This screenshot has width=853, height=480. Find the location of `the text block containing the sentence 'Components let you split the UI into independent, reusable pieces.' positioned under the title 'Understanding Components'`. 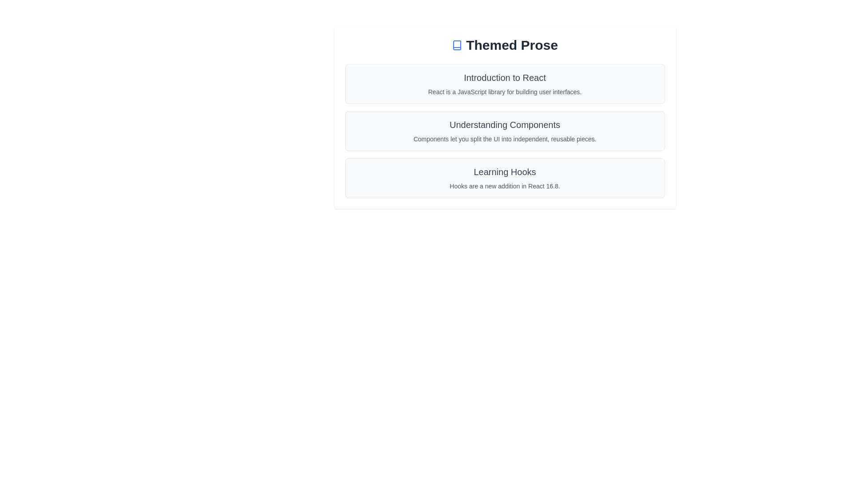

the text block containing the sentence 'Components let you split the UI into independent, reusable pieces.' positioned under the title 'Understanding Components' is located at coordinates (505, 139).